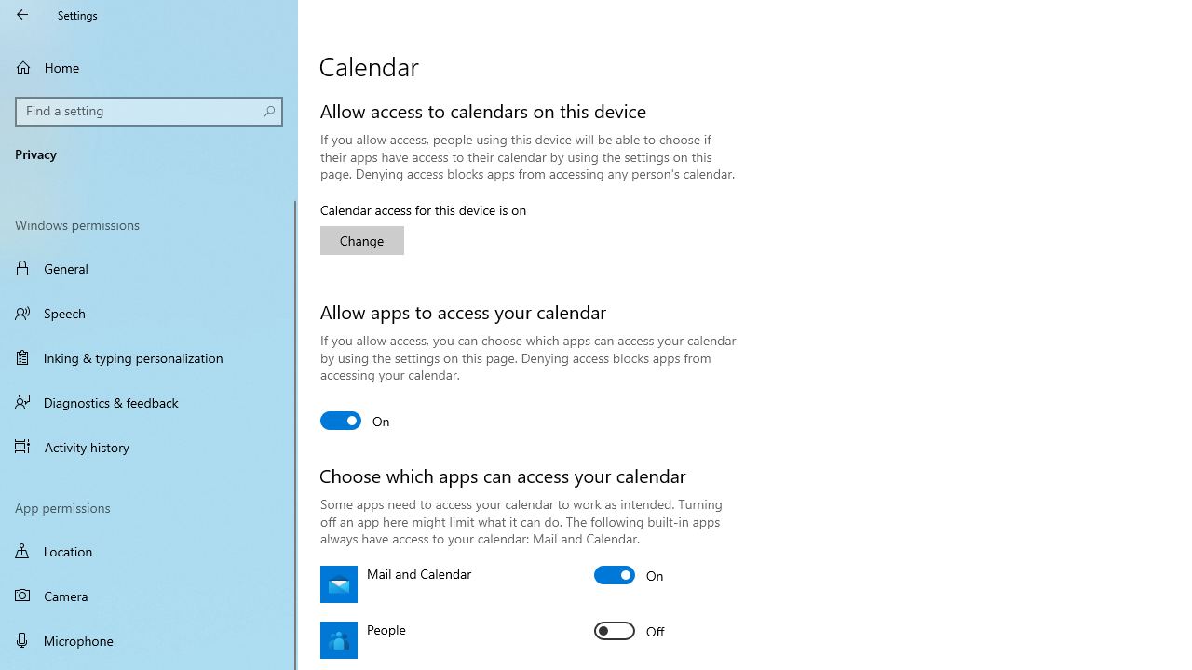 This screenshot has height=670, width=1192. Describe the element at coordinates (629, 574) in the screenshot. I see `'Mail and Calendar'` at that location.